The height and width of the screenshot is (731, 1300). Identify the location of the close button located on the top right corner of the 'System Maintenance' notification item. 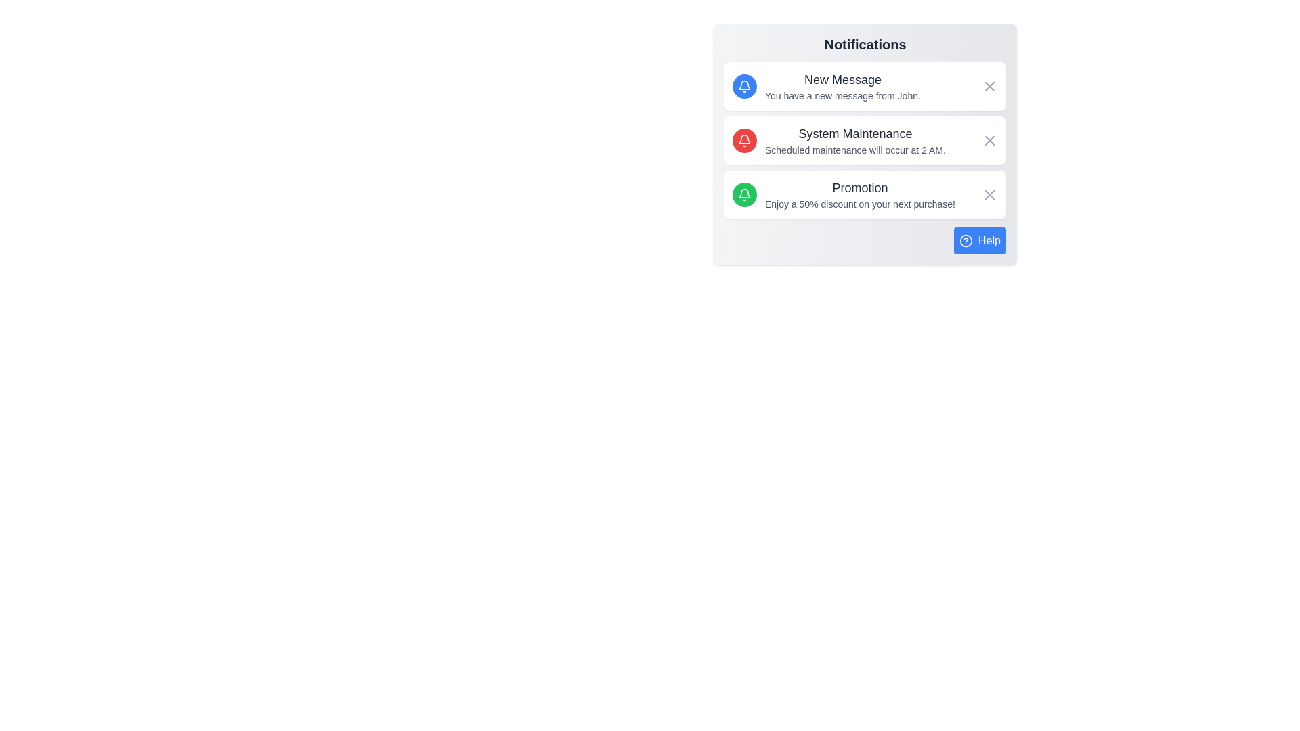
(990, 141).